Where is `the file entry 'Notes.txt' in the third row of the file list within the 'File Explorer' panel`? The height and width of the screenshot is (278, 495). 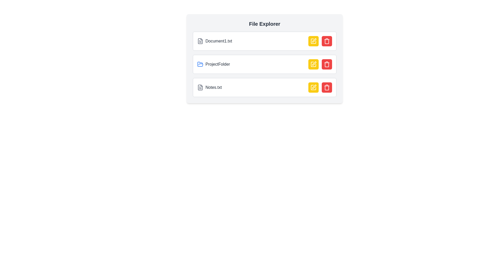 the file entry 'Notes.txt' in the third row of the file list within the 'File Explorer' panel is located at coordinates (265, 87).